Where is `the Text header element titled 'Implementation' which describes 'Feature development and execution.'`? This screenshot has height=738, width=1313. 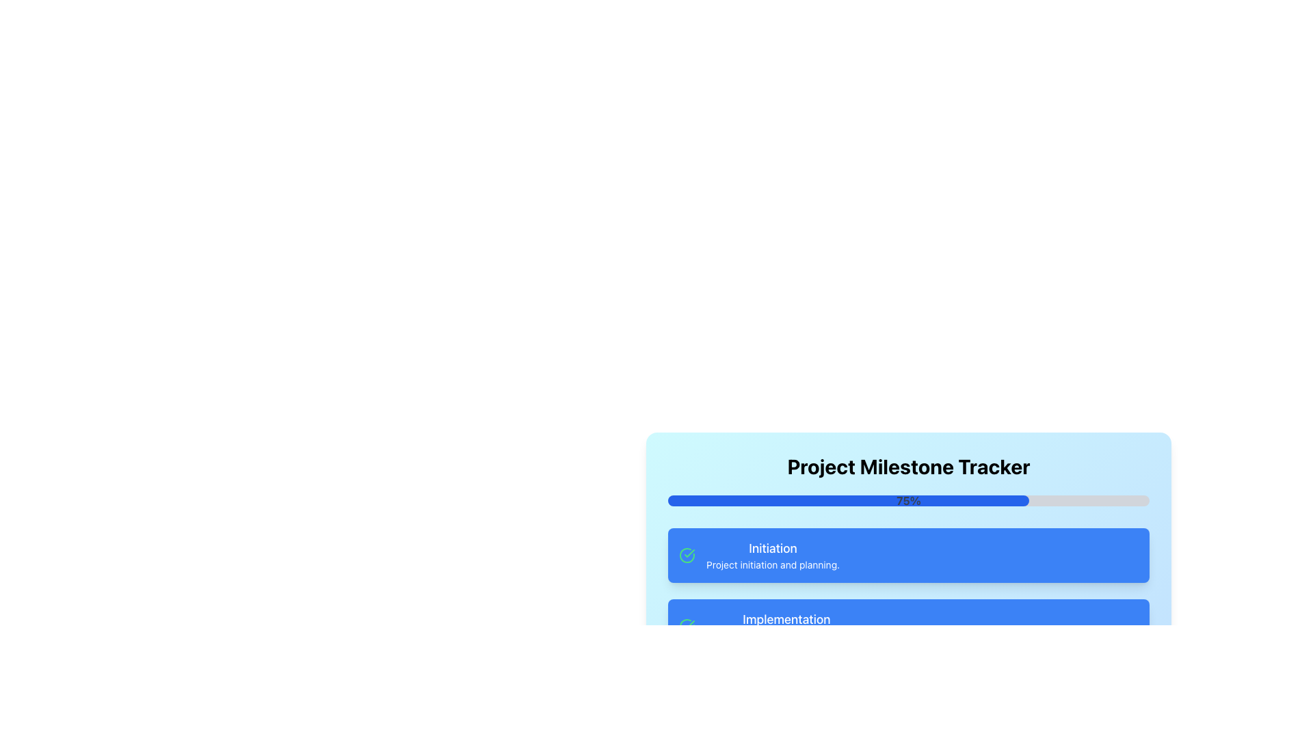 the Text header element titled 'Implementation' which describes 'Feature development and execution.' is located at coordinates (786, 619).